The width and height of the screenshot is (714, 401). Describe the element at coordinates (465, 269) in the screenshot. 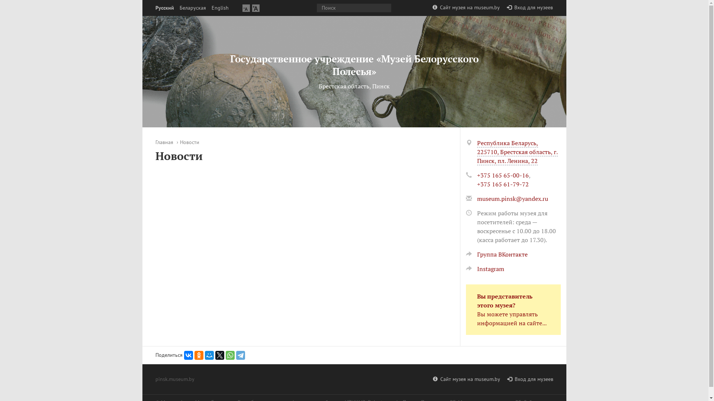

I see `'Instagram'` at that location.